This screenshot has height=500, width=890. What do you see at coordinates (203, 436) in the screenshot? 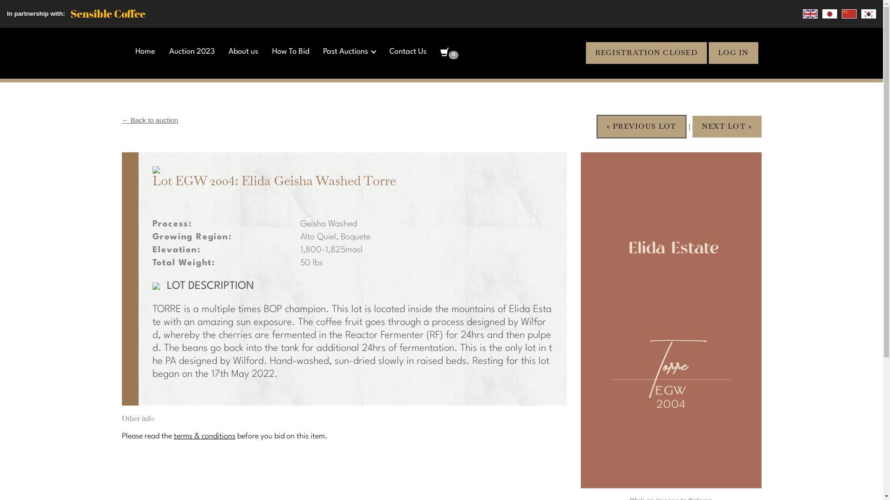
I see `'terms & conditions'` at bounding box center [203, 436].